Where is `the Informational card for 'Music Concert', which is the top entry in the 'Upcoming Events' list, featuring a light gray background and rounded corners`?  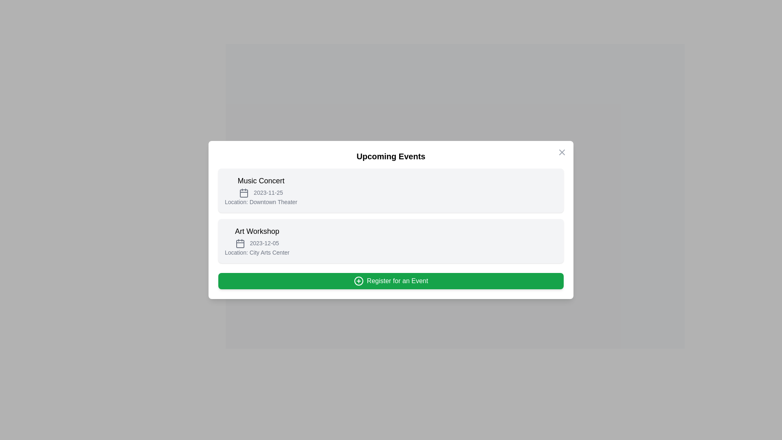
the Informational card for 'Music Concert', which is the top entry in the 'Upcoming Events' list, featuring a light gray background and rounded corners is located at coordinates (391, 190).